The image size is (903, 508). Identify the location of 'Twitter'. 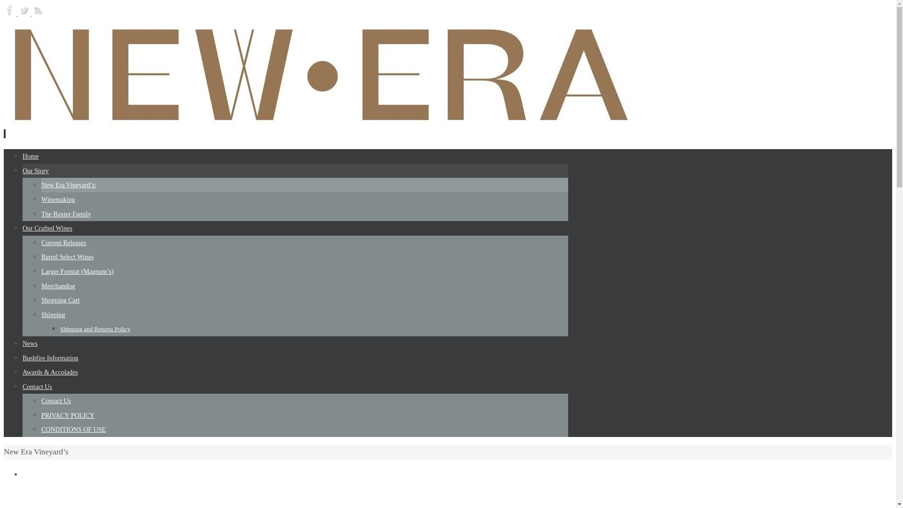
(24, 13).